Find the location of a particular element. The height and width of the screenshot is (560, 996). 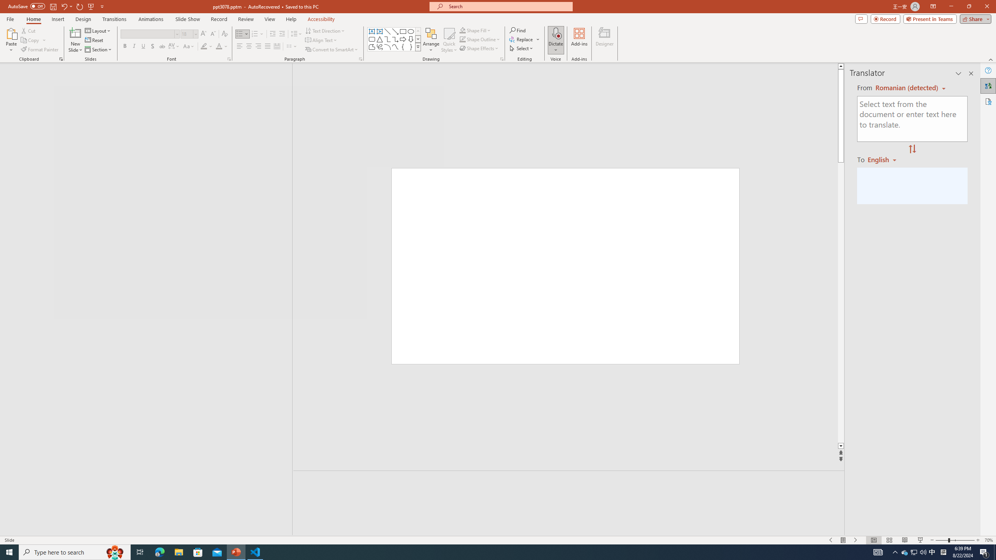

'Font Color' is located at coordinates (222, 46).